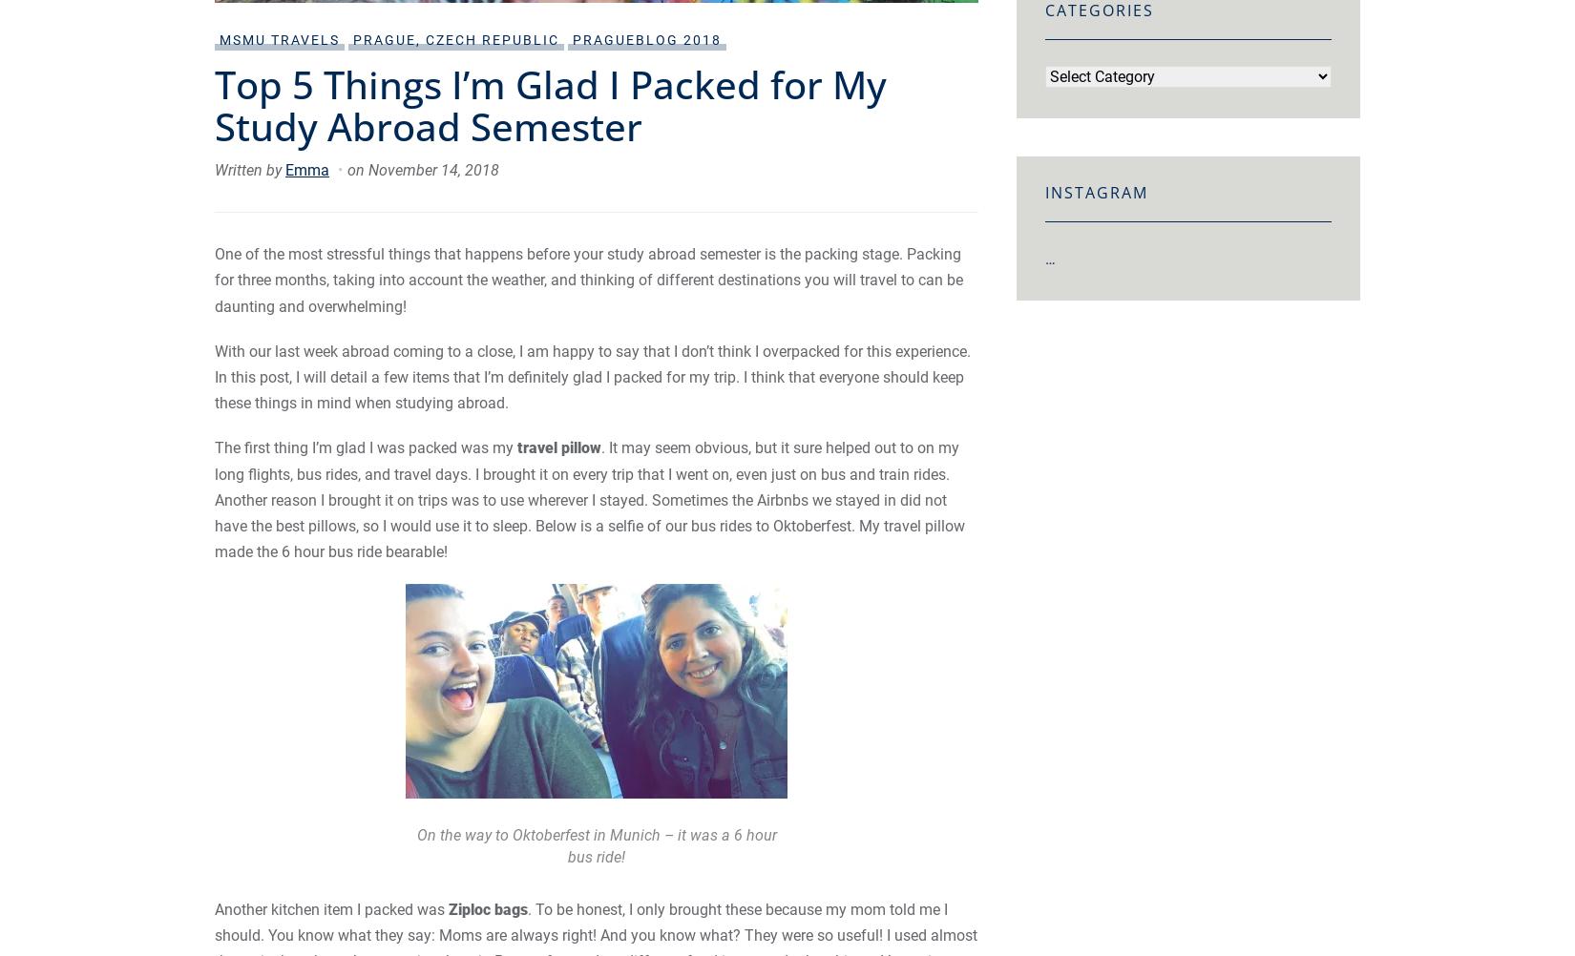  What do you see at coordinates (366, 447) in the screenshot?
I see `'The first thing I’m glad I was packed was my'` at bounding box center [366, 447].